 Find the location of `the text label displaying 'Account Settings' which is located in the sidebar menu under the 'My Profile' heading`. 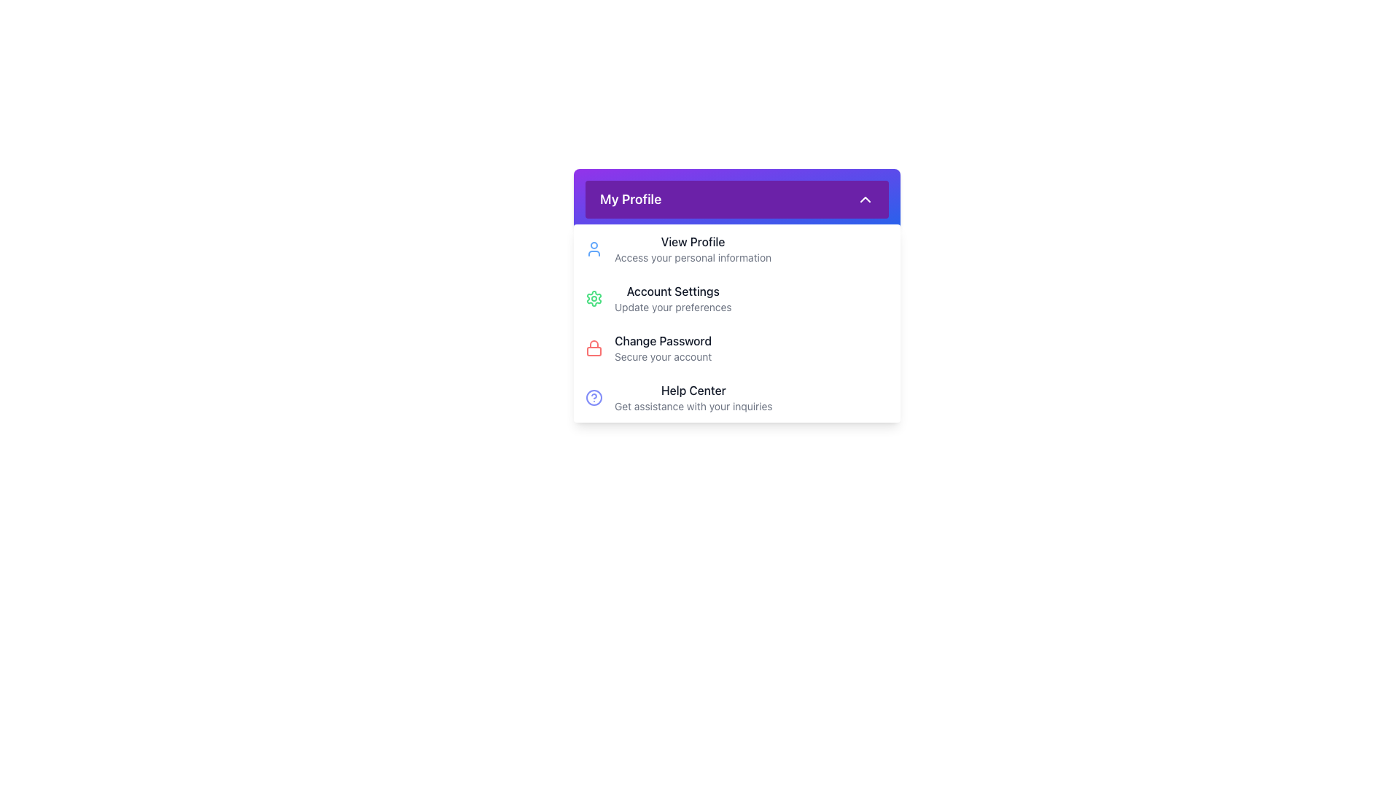

the text label displaying 'Account Settings' which is located in the sidebar menu under the 'My Profile' heading is located at coordinates (672, 291).